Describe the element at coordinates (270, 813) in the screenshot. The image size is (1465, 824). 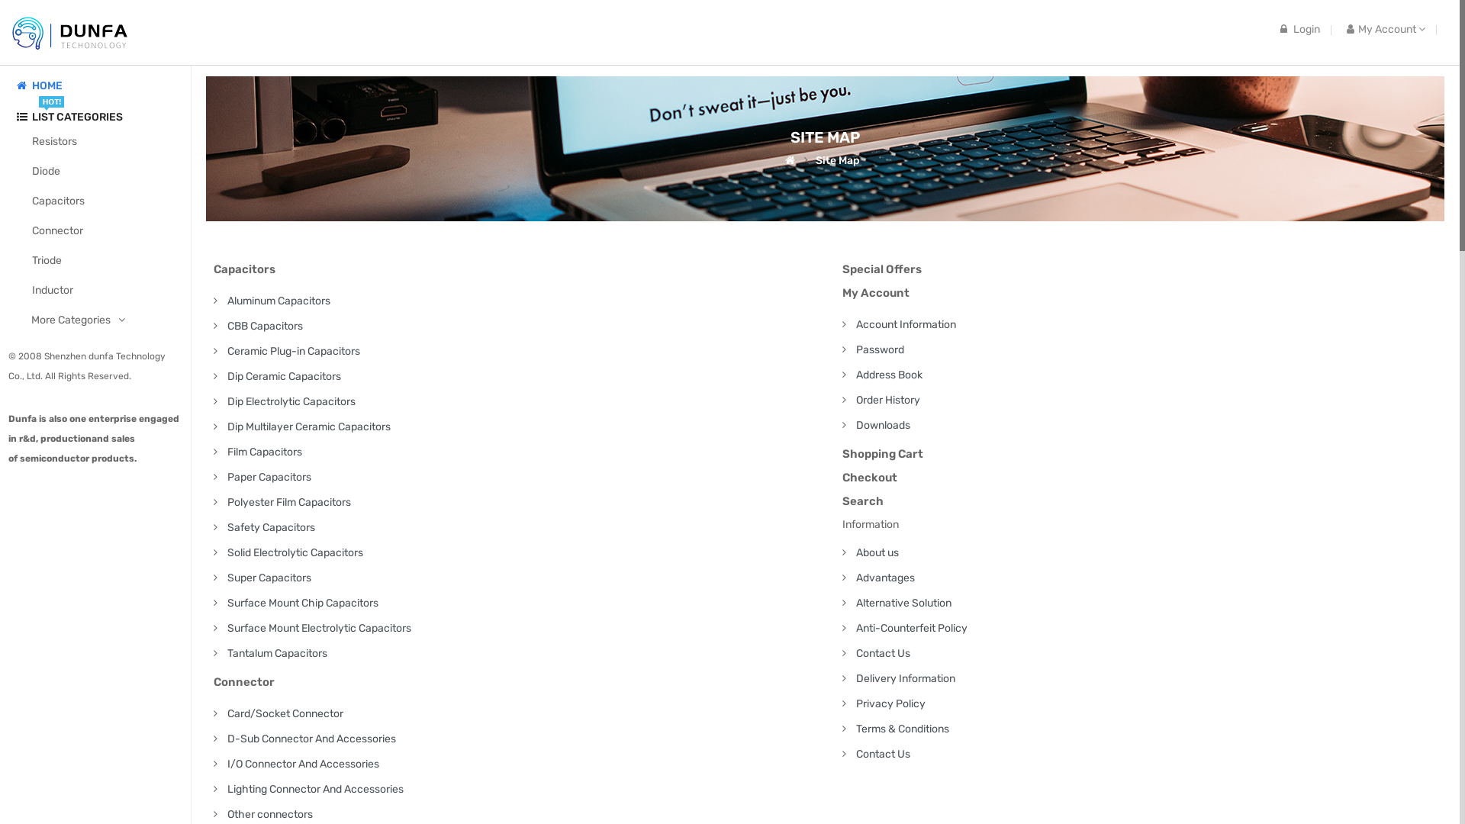
I see `'Other connectors'` at that location.